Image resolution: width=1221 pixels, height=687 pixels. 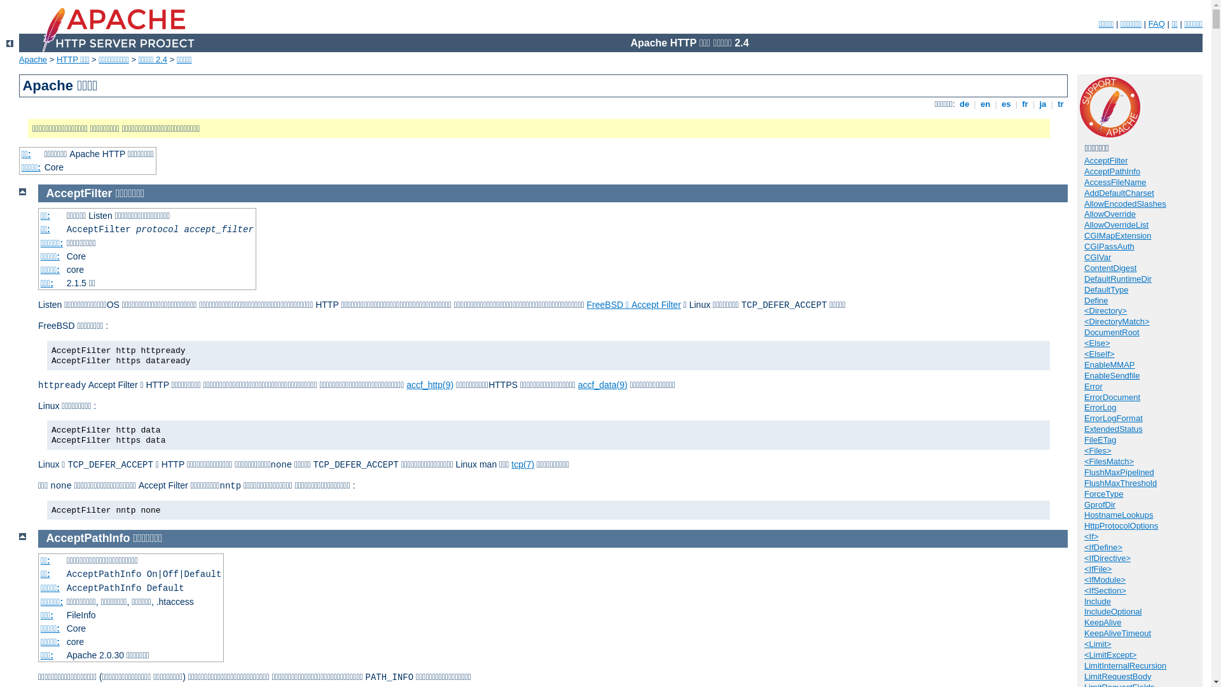 I want to click on 'KeepAlive', so click(x=1102, y=621).